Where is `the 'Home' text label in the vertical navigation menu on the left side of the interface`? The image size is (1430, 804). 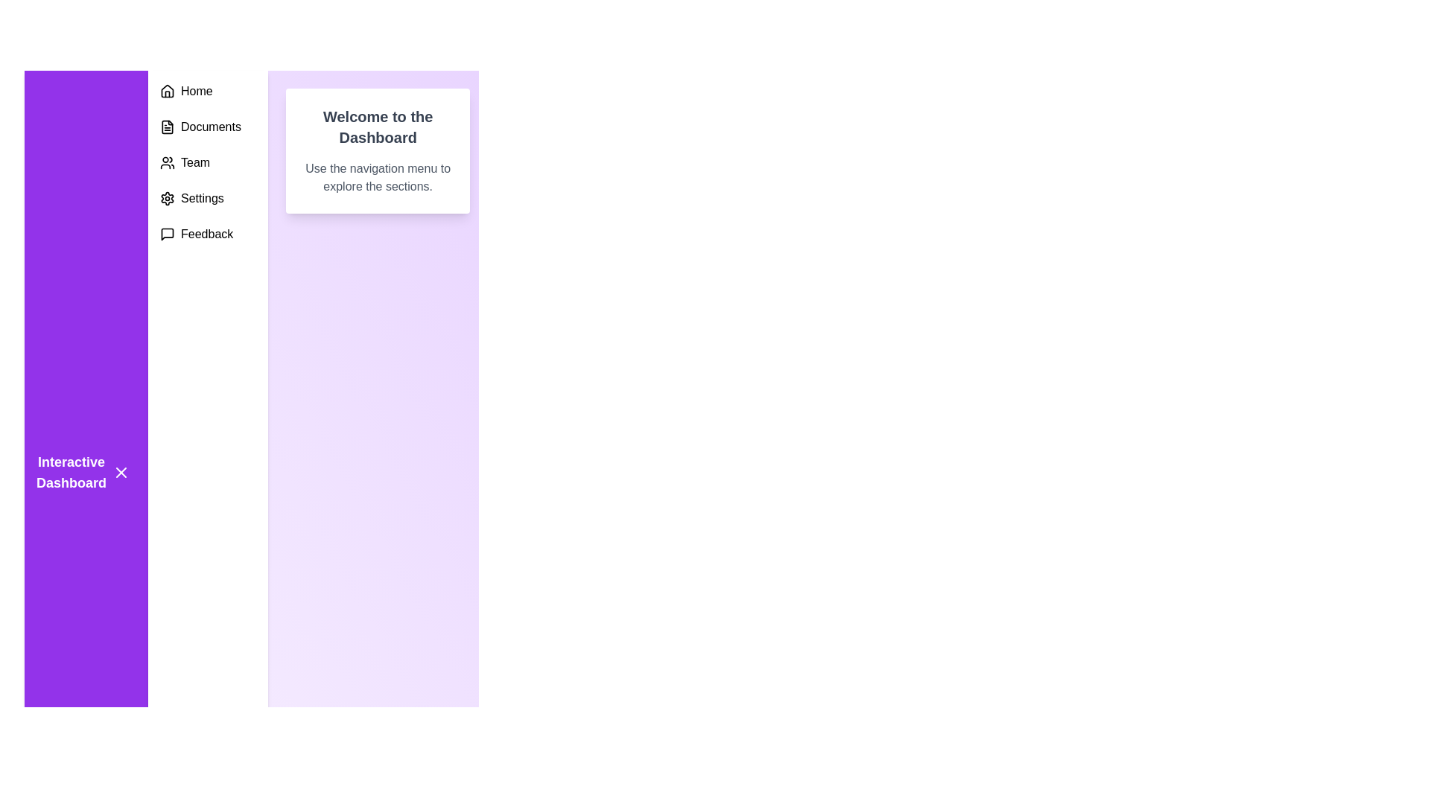
the 'Home' text label in the vertical navigation menu on the left side of the interface is located at coordinates (196, 92).